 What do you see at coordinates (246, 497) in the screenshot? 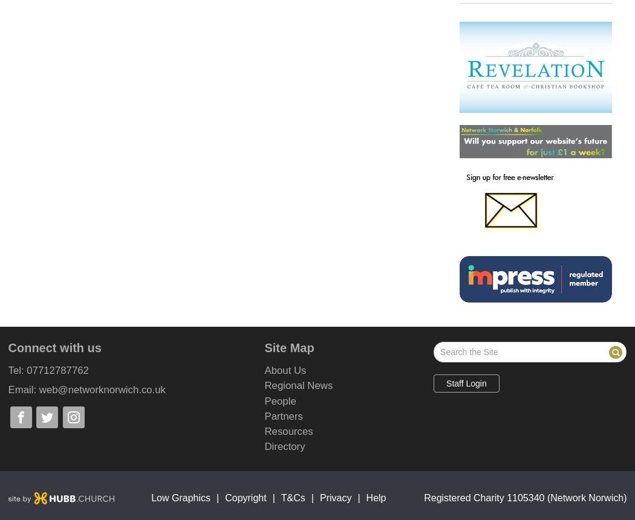
I see `'Copyright'` at bounding box center [246, 497].